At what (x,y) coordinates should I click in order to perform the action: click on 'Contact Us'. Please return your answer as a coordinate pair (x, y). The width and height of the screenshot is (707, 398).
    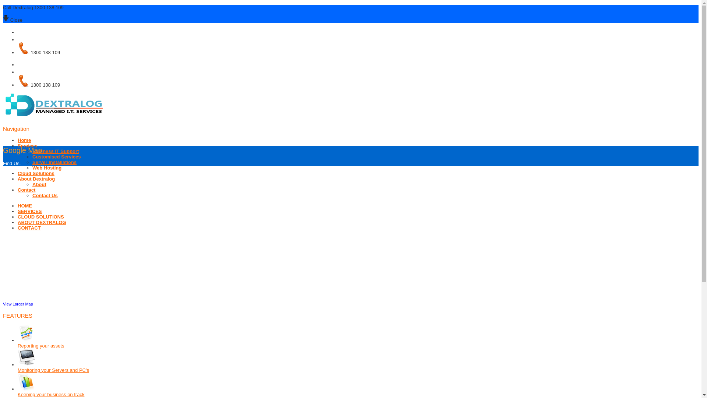
    Looking at the image, I should click on (45, 195).